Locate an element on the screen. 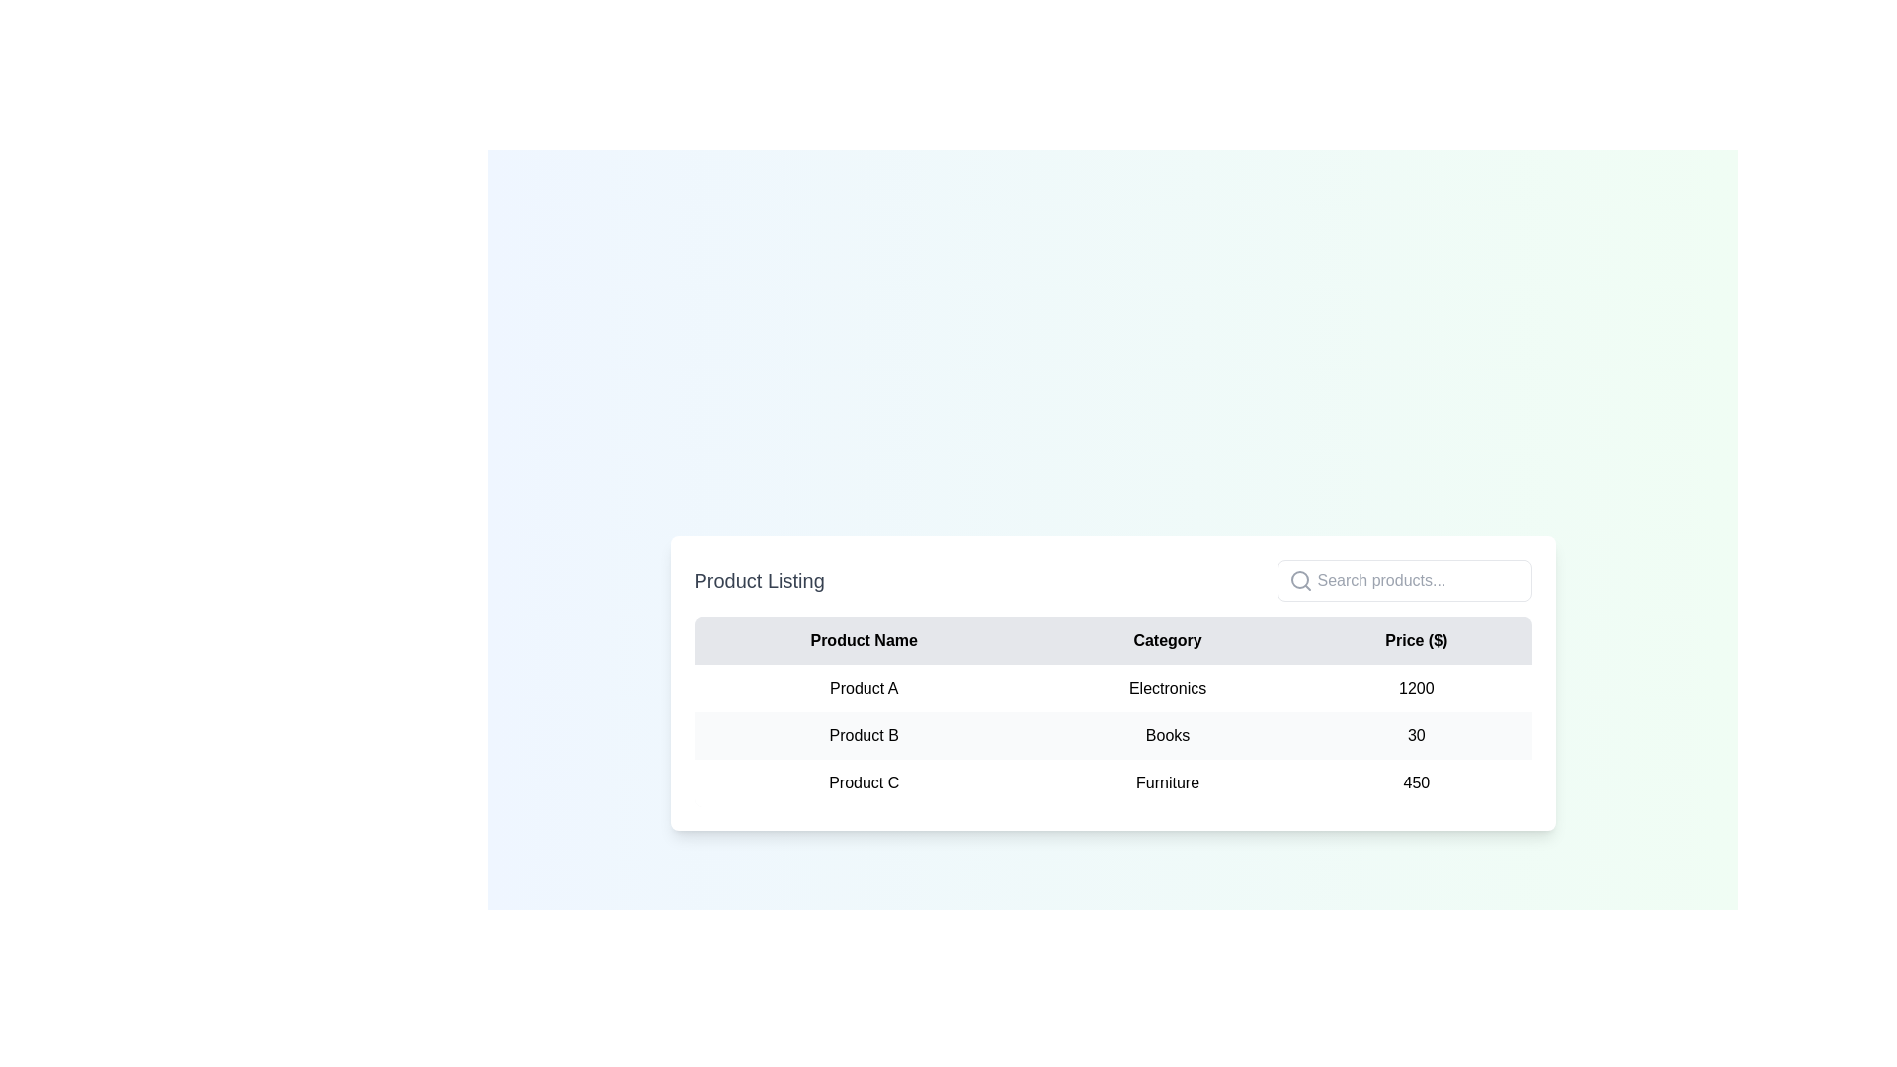 The image size is (1897, 1067). the text label in the second column of the last row of the table under the 'Category' header, which identifies the category of the product listed in the same row is located at coordinates (1168, 782).